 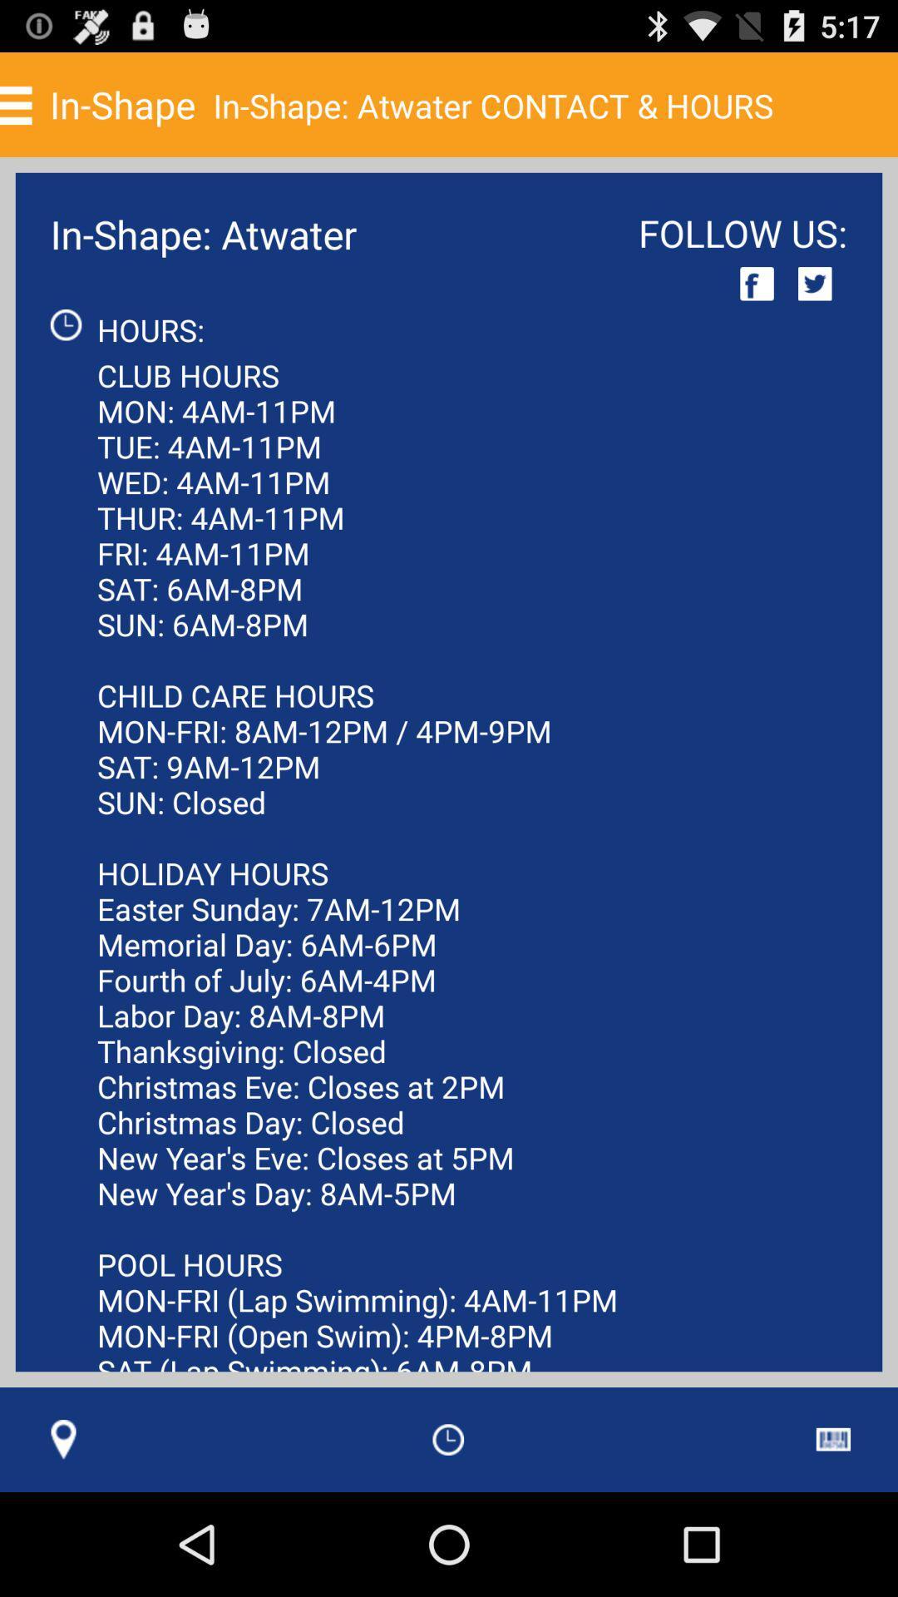 What do you see at coordinates (833, 1439) in the screenshot?
I see `the icon at the bottom right corner` at bounding box center [833, 1439].